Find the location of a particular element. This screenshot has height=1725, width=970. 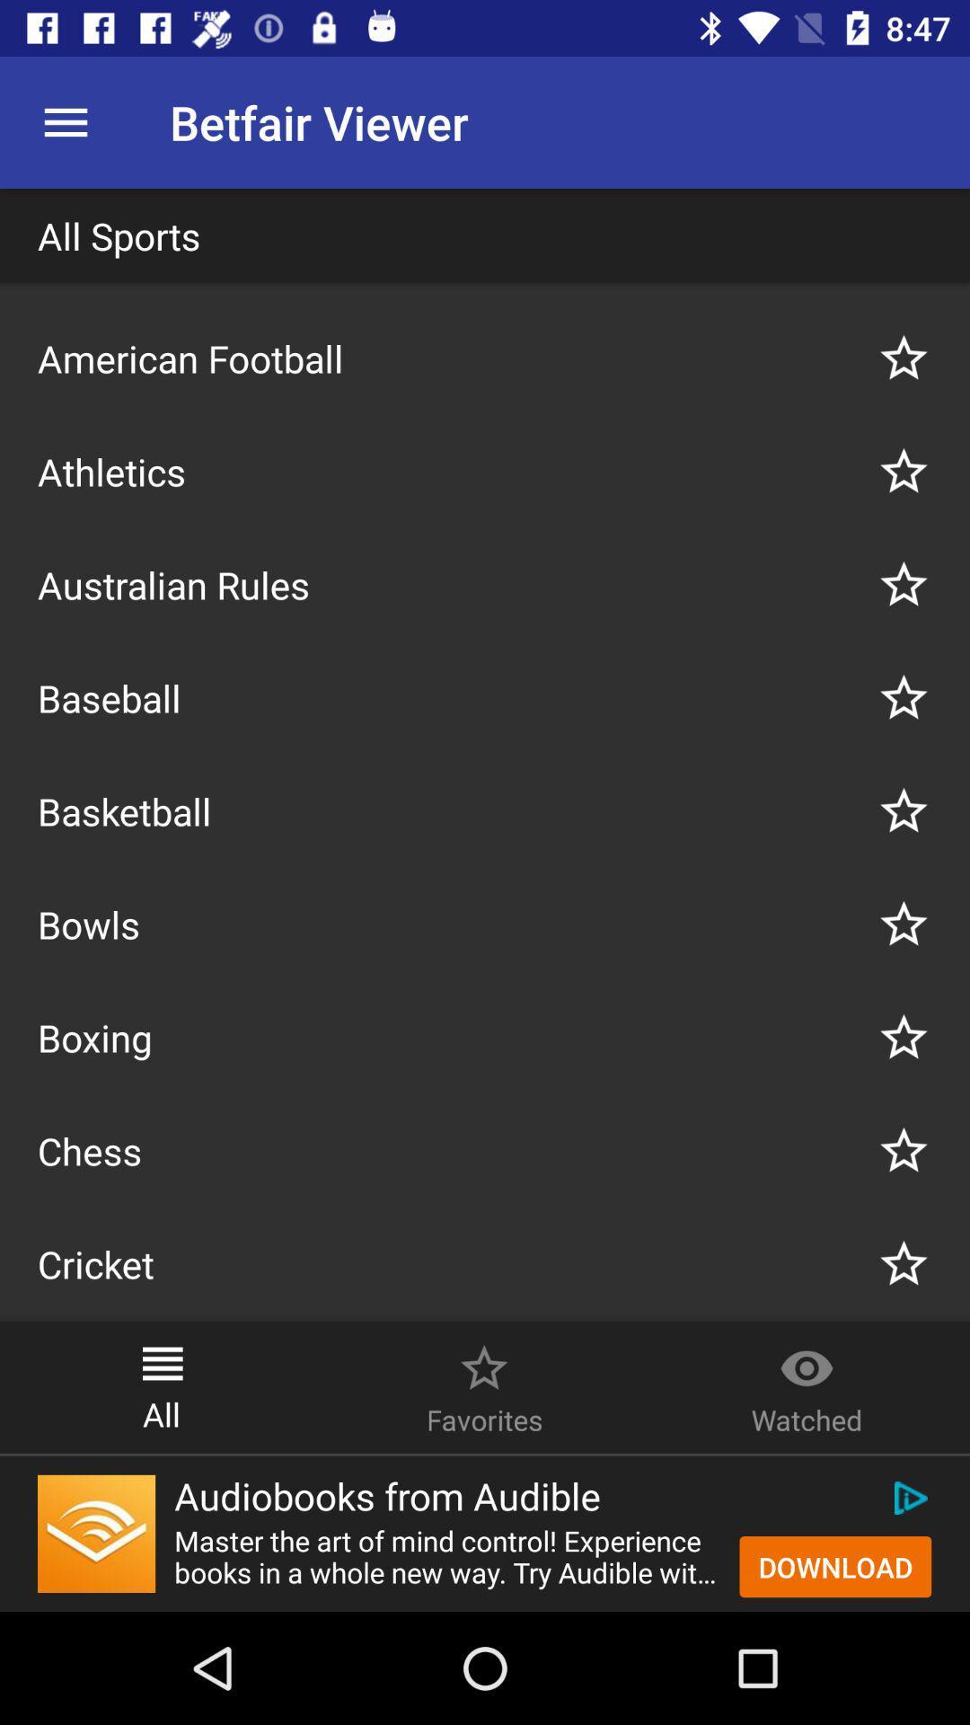

the button on the bottom right corner of the web page is located at coordinates (835, 1565).